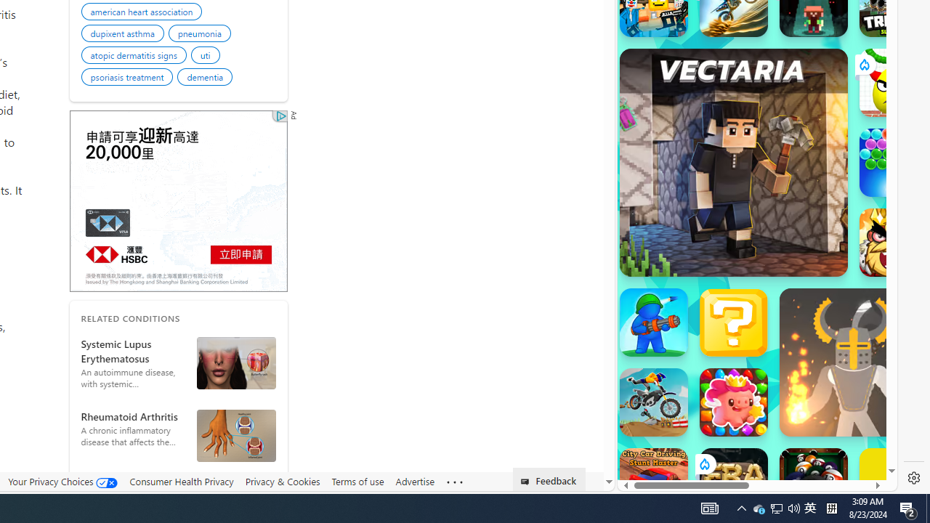 Image resolution: width=930 pixels, height=523 pixels. Describe the element at coordinates (854, 361) in the screenshot. I see `'Ragdoll Hit'` at that location.